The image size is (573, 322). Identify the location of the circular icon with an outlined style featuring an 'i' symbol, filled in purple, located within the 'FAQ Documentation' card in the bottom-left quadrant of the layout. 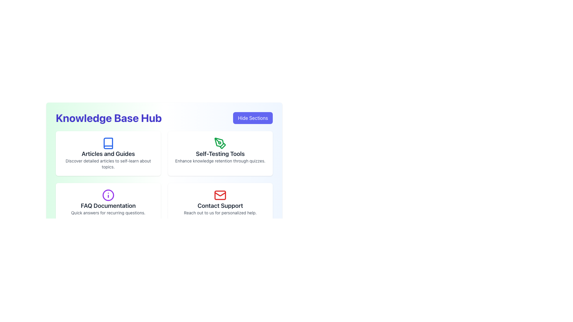
(108, 195).